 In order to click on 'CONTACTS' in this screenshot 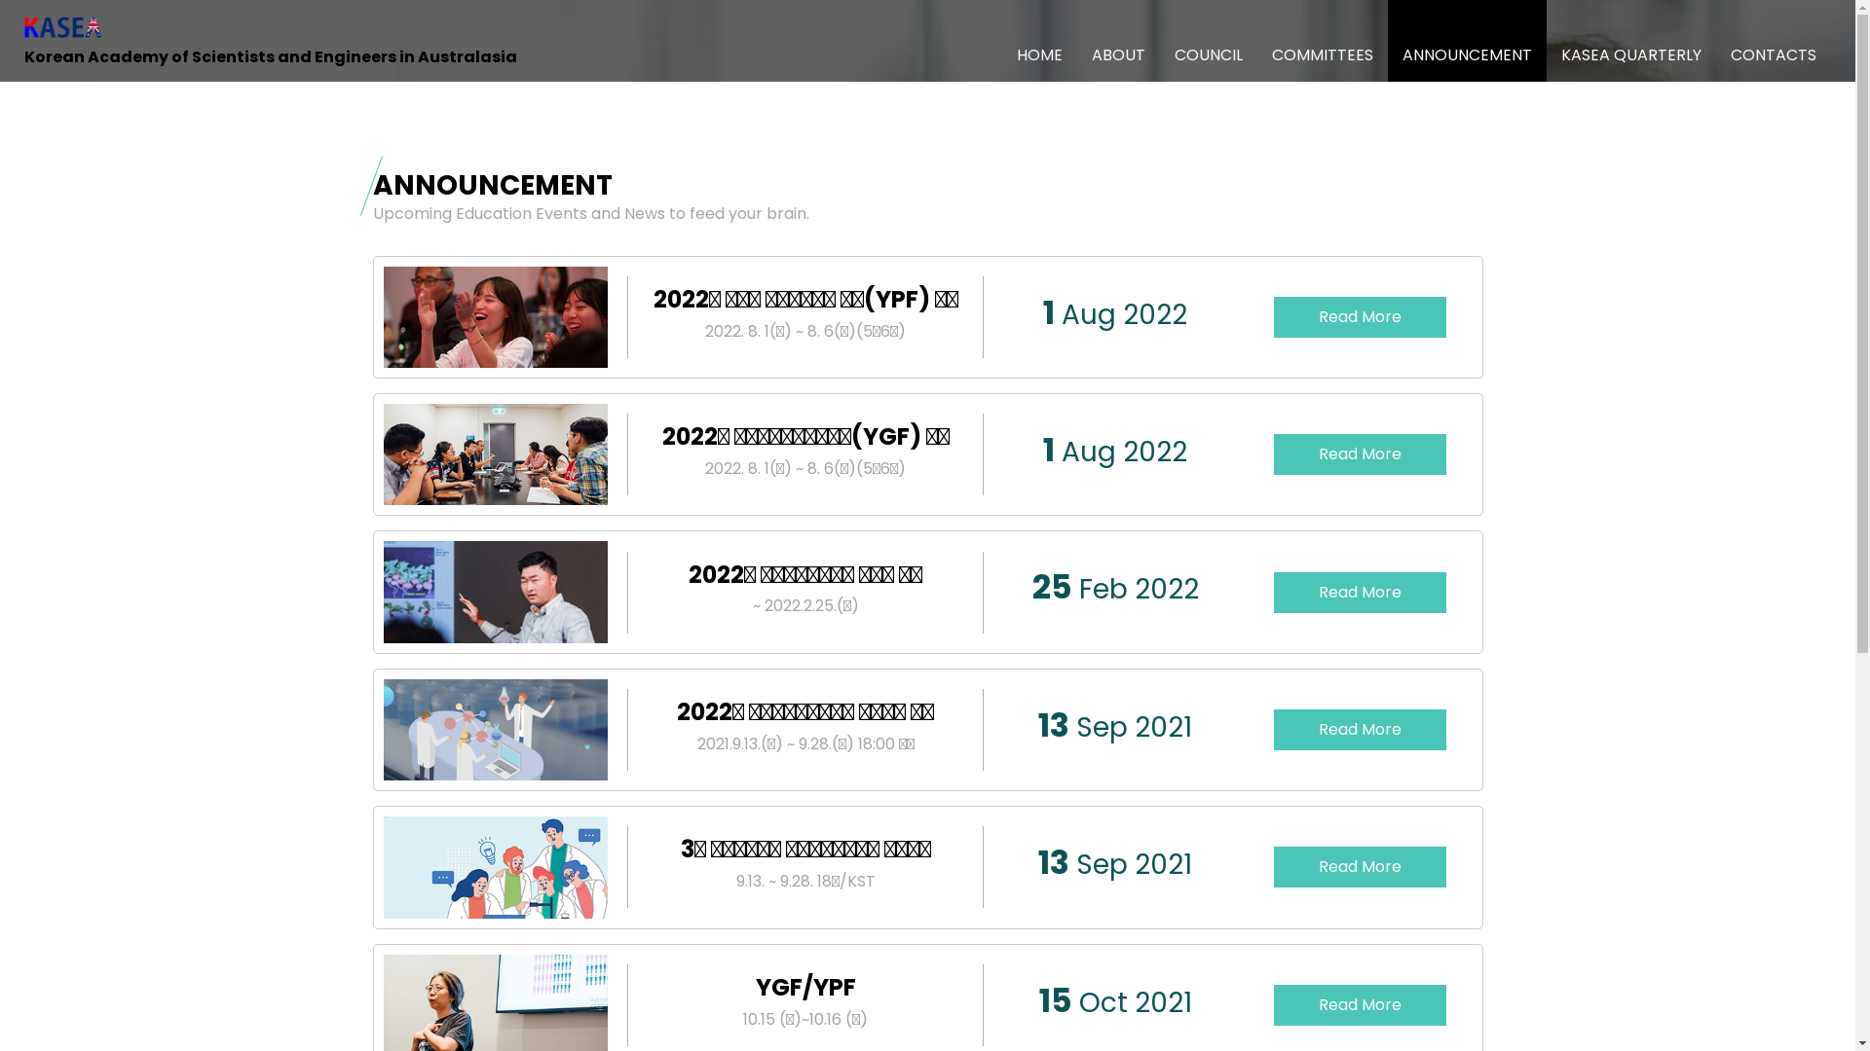, I will do `click(1773, 41)`.